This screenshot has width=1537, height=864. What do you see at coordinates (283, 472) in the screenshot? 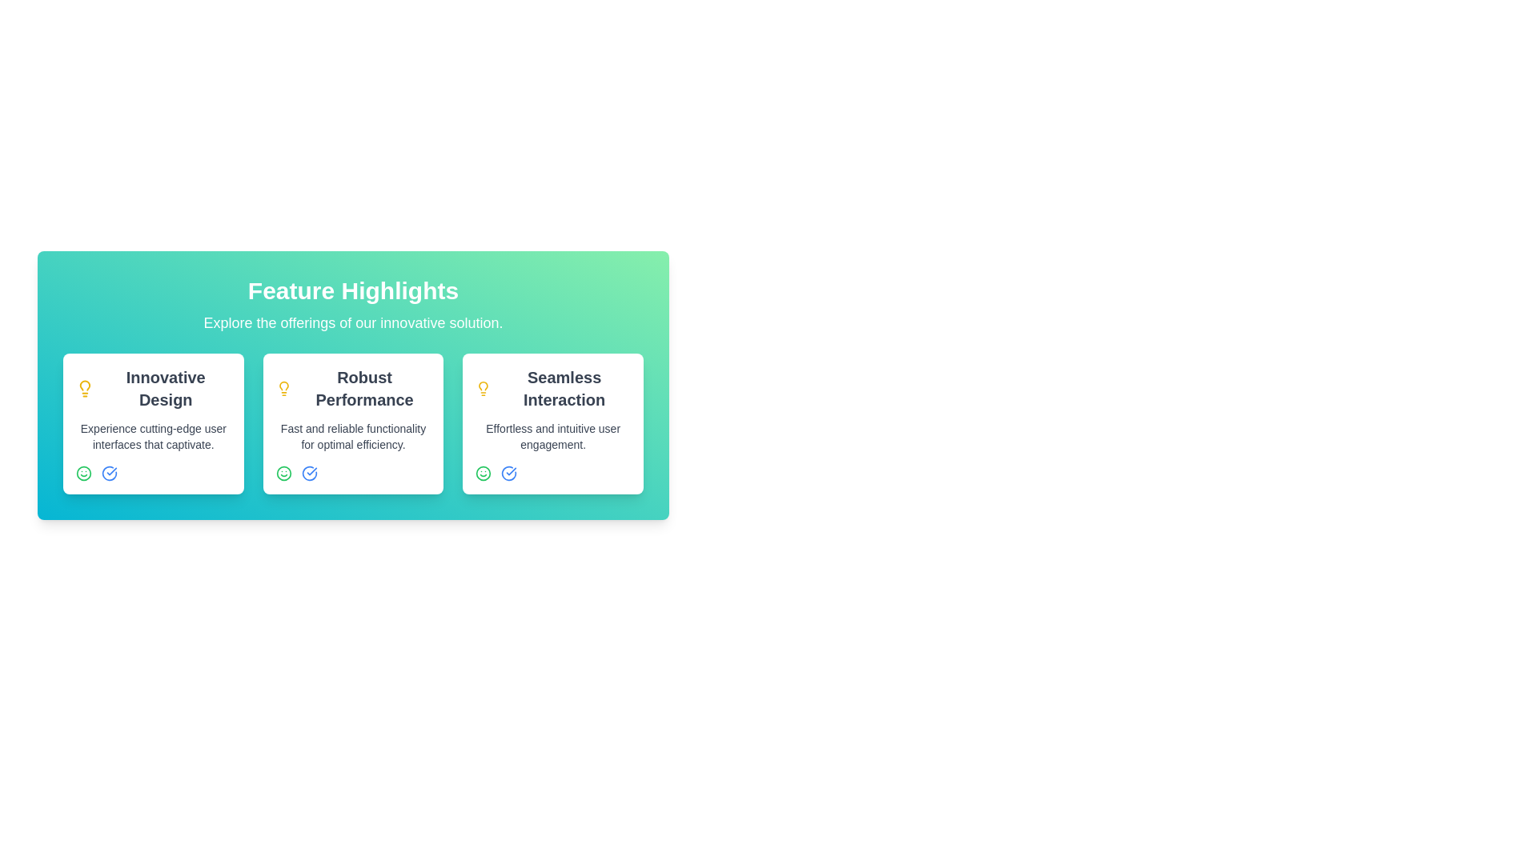
I see `the green smiling face icon located in the second card under the 'Robust Performance' title` at bounding box center [283, 472].